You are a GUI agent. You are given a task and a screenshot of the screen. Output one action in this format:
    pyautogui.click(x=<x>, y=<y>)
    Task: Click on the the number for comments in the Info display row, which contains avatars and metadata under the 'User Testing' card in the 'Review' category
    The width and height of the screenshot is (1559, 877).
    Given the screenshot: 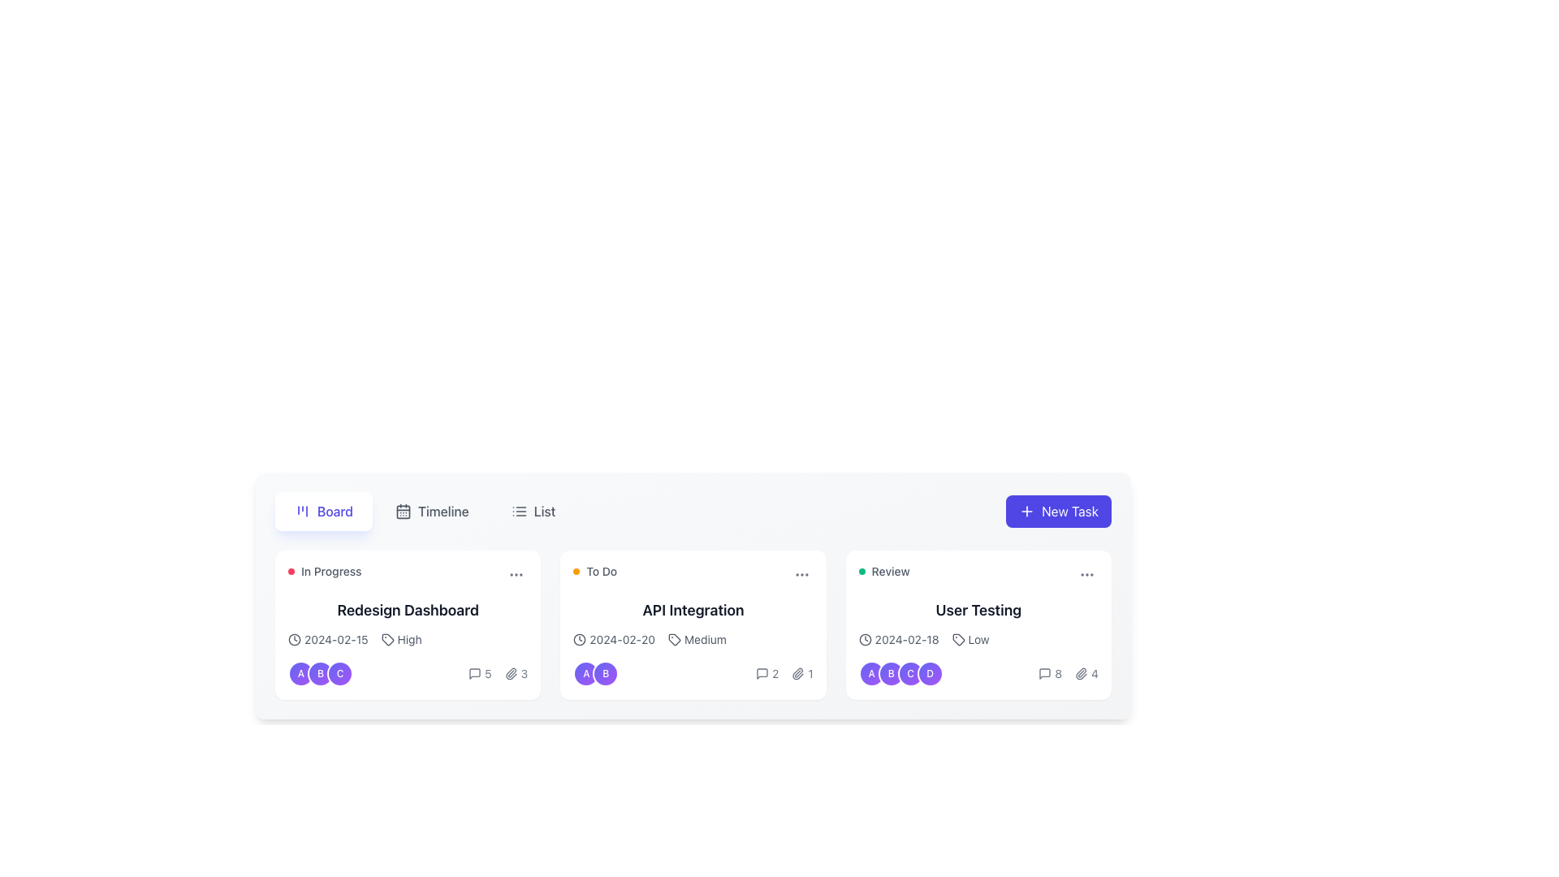 What is the action you would take?
    pyautogui.click(x=978, y=673)
    